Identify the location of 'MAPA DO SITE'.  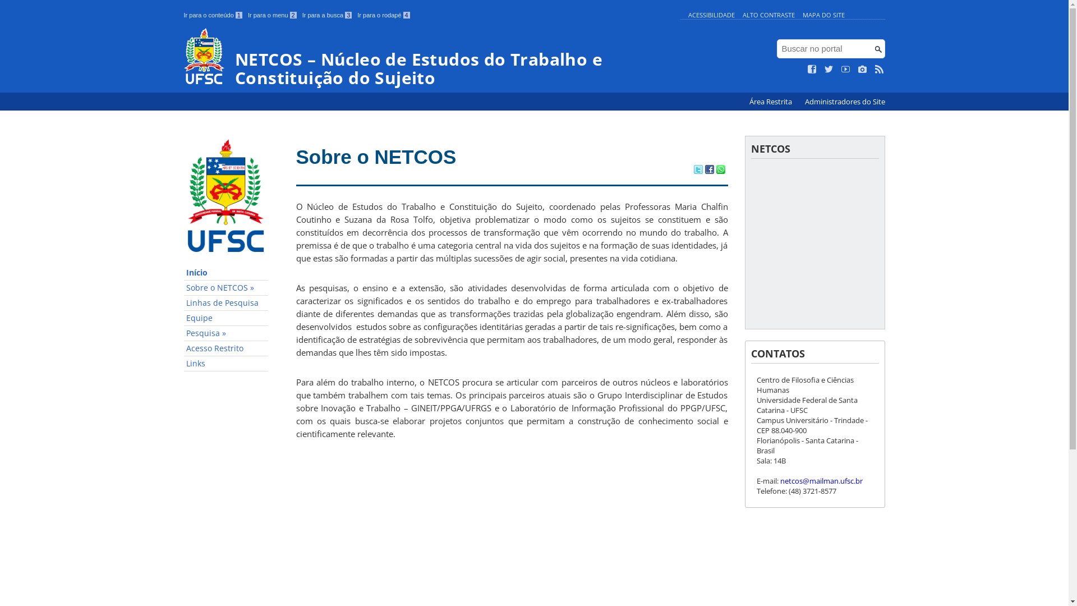
(802, 15).